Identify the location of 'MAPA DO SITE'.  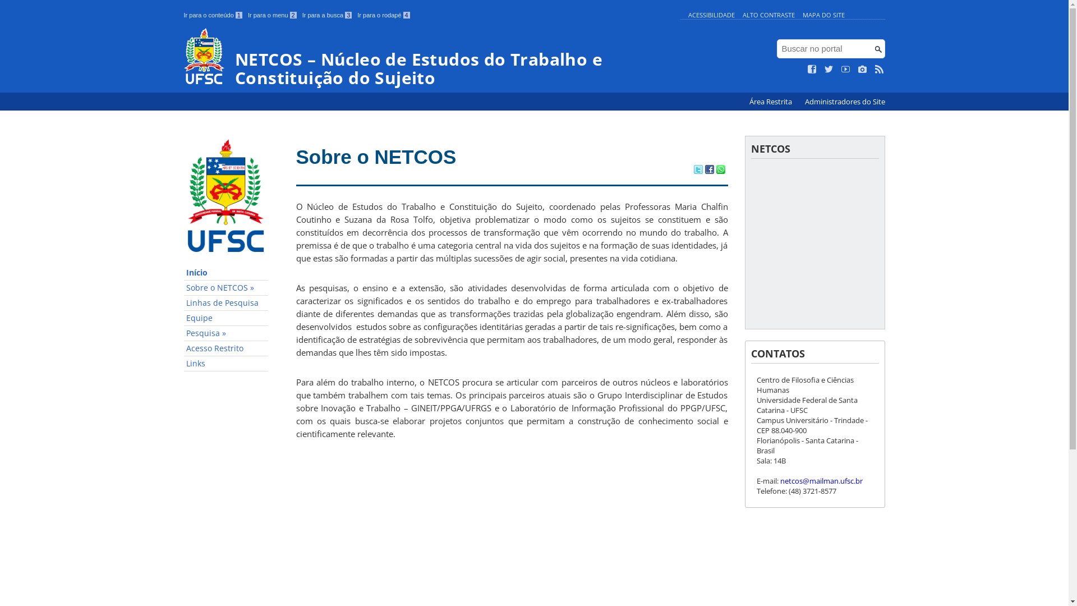
(802, 15).